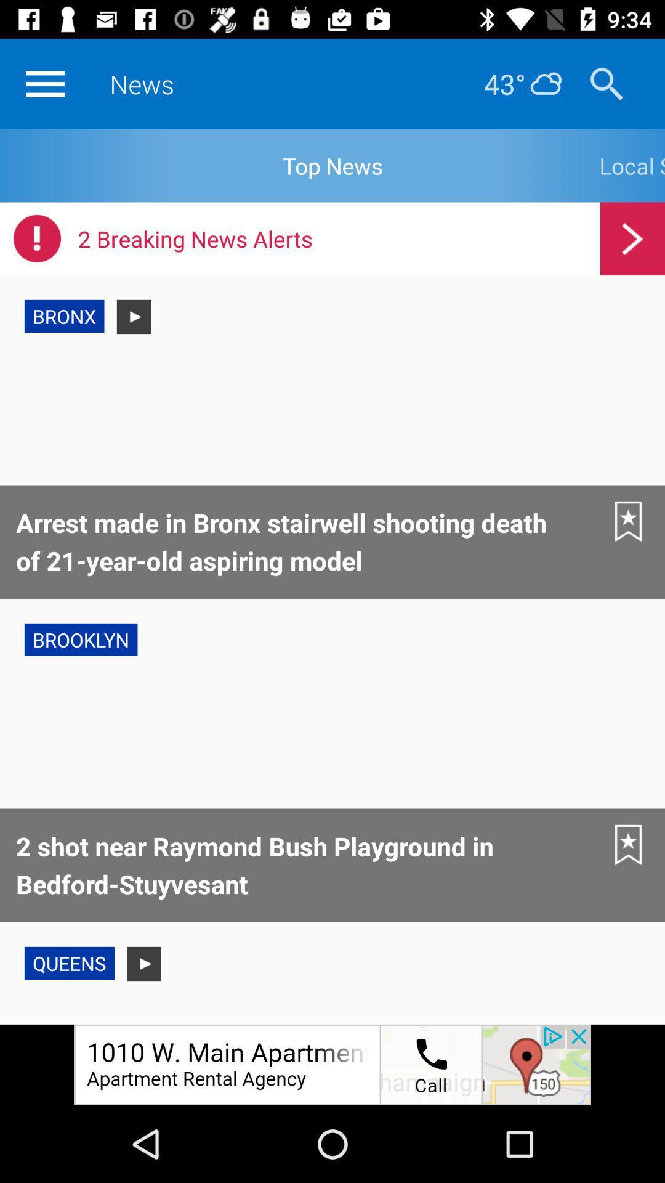 The width and height of the screenshot is (665, 1183). Describe the element at coordinates (632, 238) in the screenshot. I see `next page icon` at that location.